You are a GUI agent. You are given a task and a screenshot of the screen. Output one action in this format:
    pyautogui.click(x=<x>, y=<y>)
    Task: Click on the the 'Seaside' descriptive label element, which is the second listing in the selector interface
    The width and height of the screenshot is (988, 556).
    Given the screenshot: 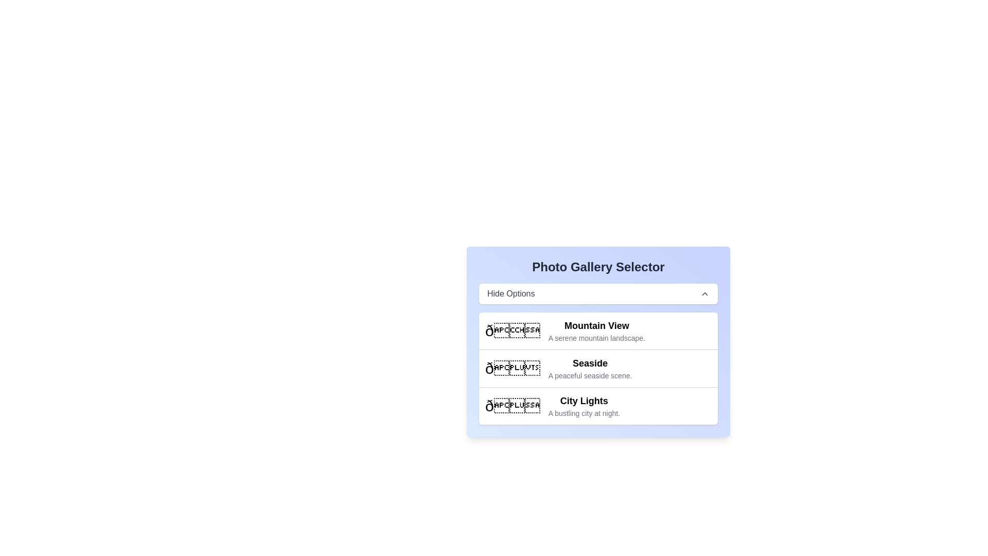 What is the action you would take?
    pyautogui.click(x=590, y=368)
    